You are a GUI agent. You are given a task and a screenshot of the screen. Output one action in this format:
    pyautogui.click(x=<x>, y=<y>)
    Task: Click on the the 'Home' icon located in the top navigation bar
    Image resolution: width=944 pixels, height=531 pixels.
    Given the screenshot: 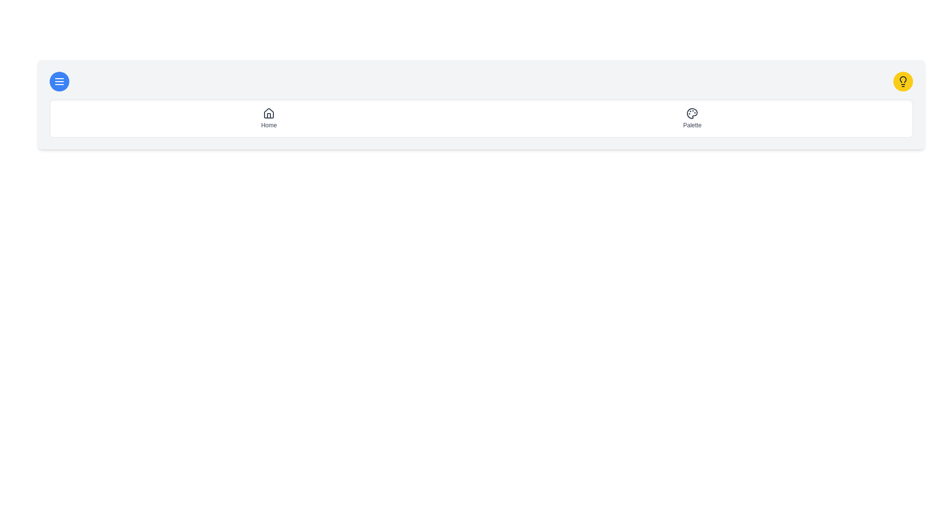 What is the action you would take?
    pyautogui.click(x=269, y=113)
    